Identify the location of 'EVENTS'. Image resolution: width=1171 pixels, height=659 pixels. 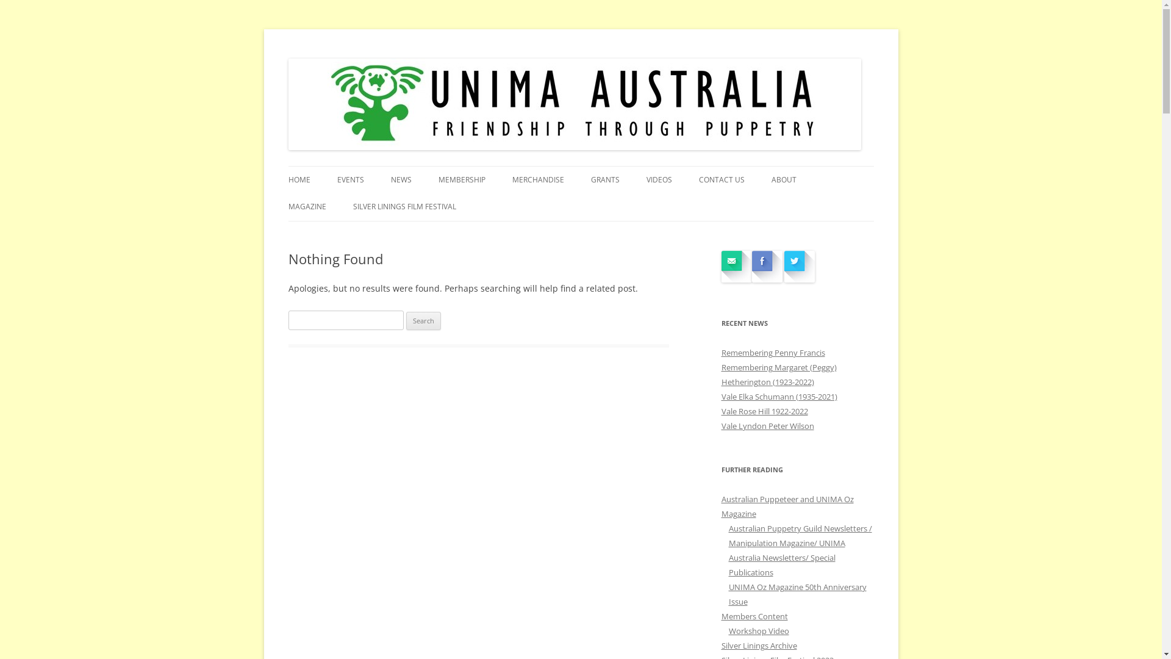
(349, 179).